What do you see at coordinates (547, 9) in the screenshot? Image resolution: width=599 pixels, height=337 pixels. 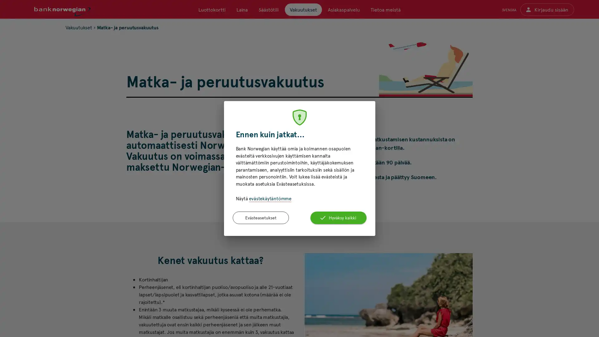 I see `Kirjaudu sisaan` at bounding box center [547, 9].